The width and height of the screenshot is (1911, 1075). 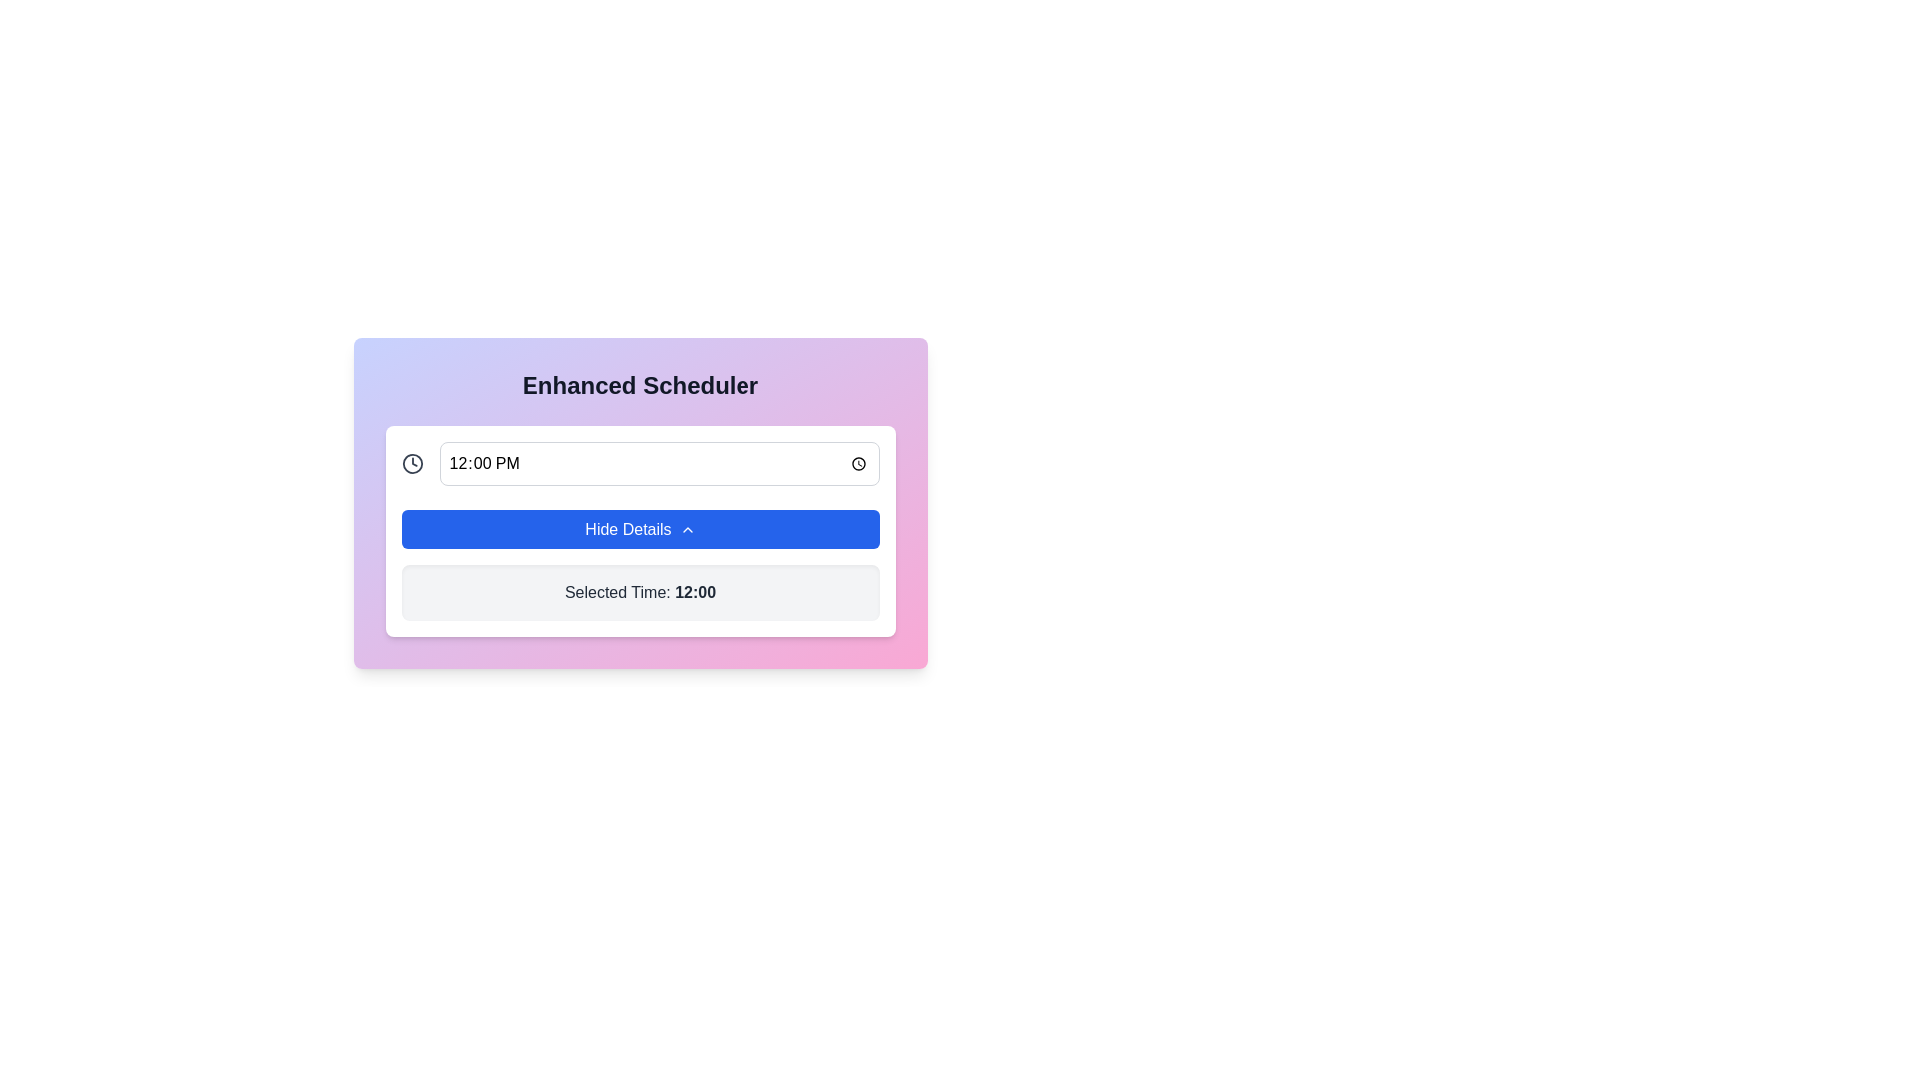 I want to click on text 'Enhanced Scheduler' from the bold header label that is centered at the top of a rounded-corner box with a gradient background, so click(x=640, y=386).